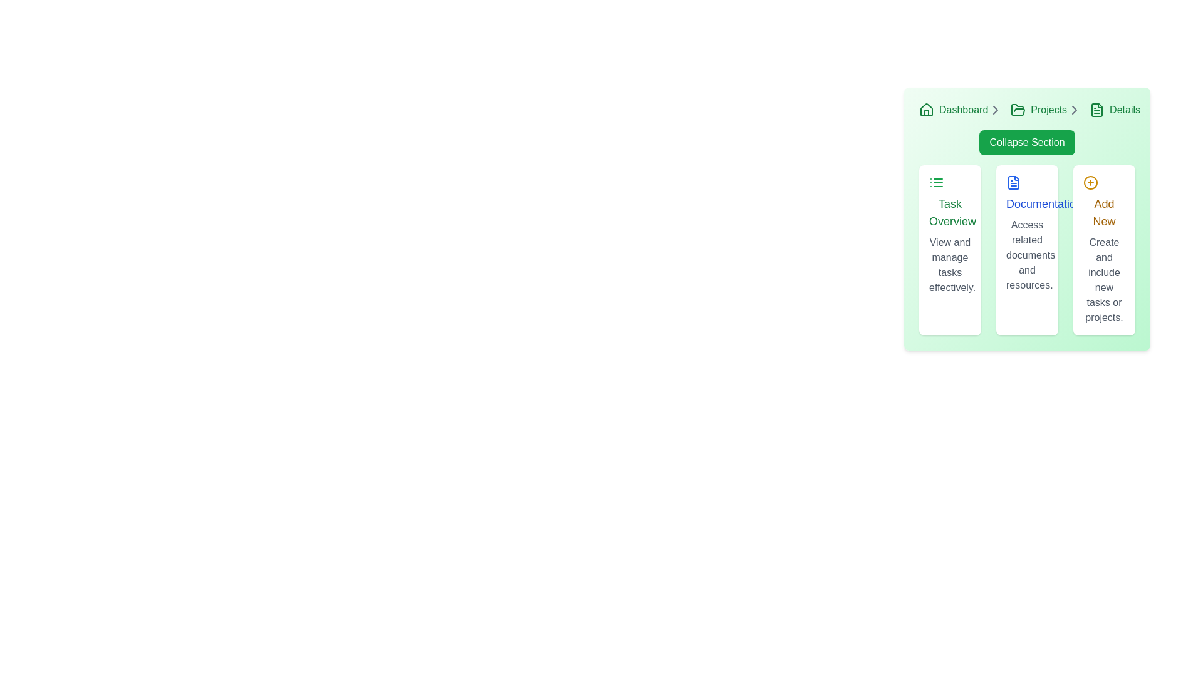 The width and height of the screenshot is (1203, 676). Describe the element at coordinates (1090, 183) in the screenshot. I see `the addition icon located in the top left corner of the 'Add New' card, which visually represents creating new tasks or projects` at that location.